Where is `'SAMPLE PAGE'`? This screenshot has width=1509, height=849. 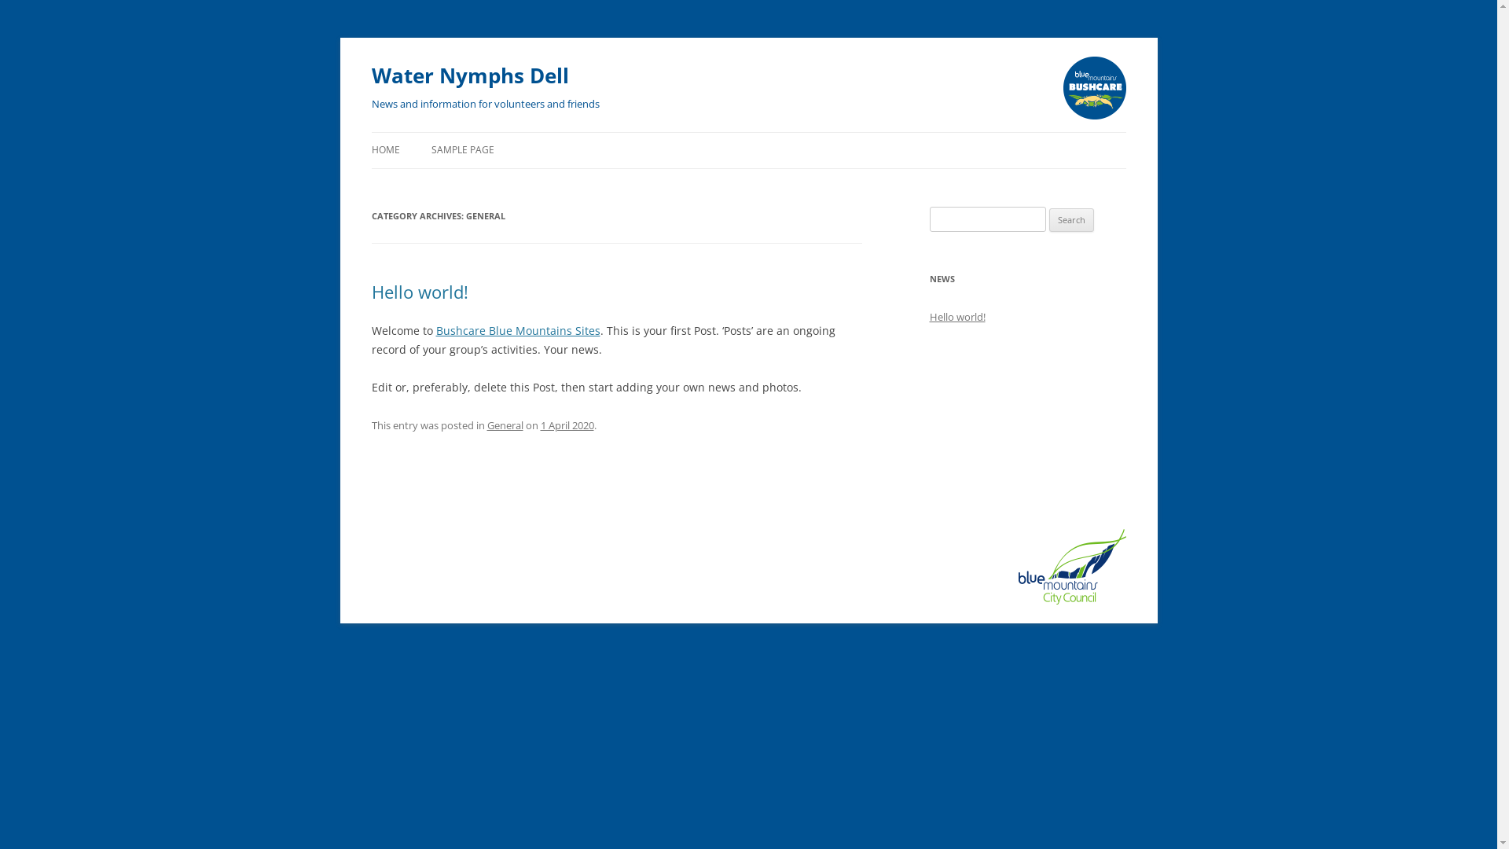
'SAMPLE PAGE' is located at coordinates (461, 150).